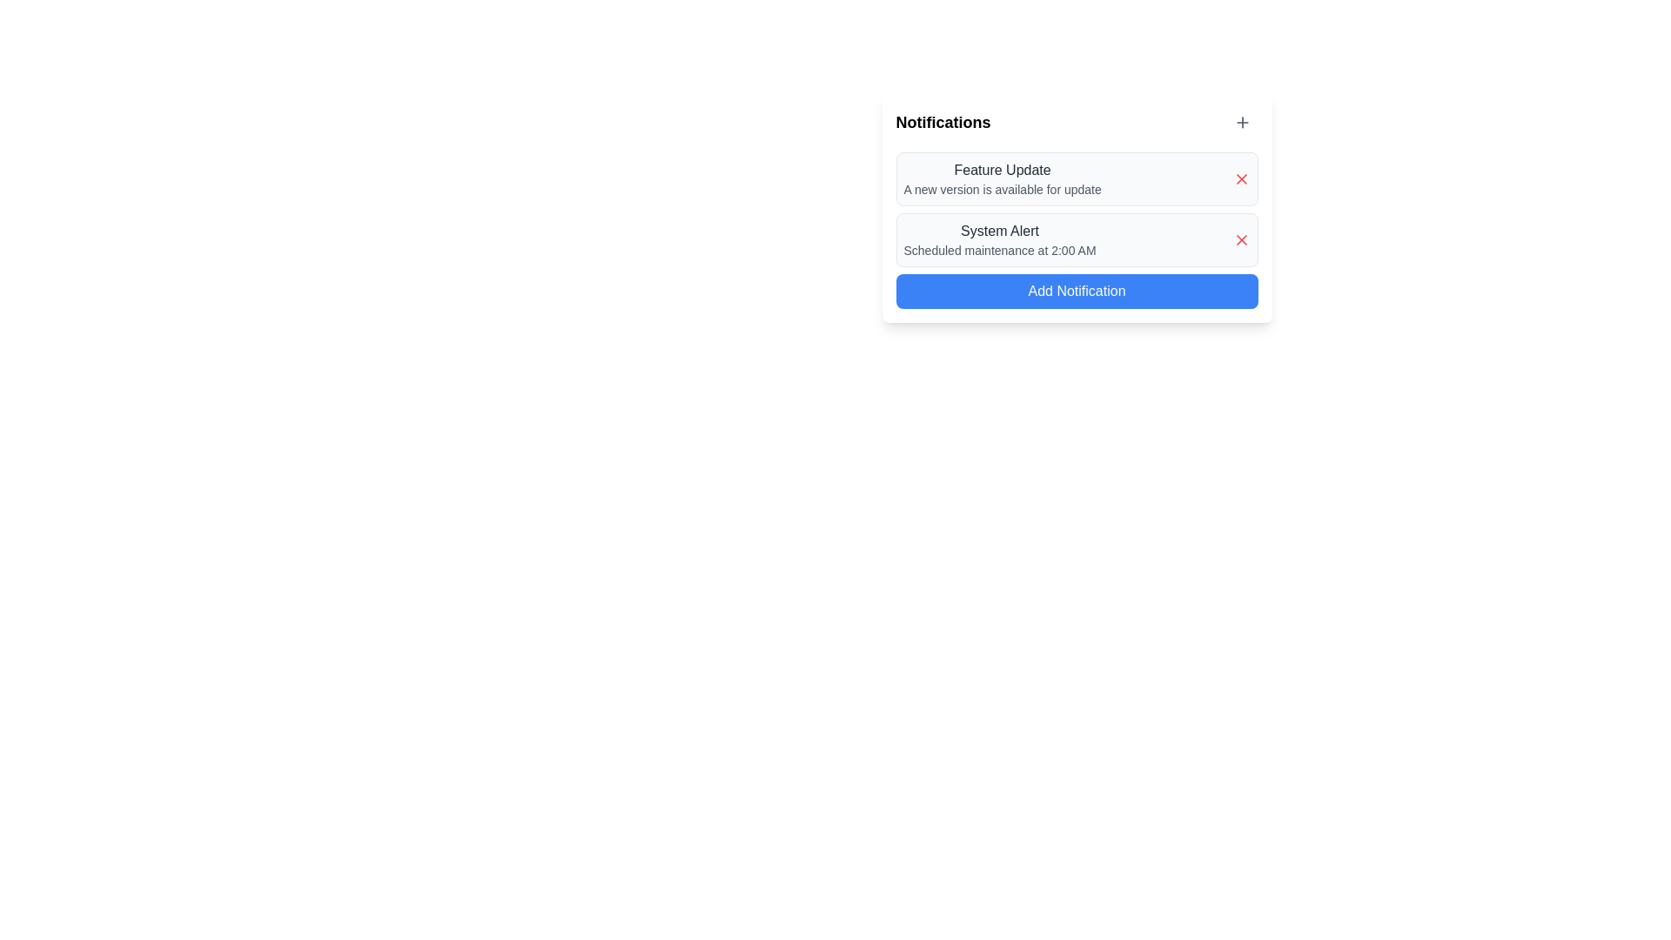 Image resolution: width=1671 pixels, height=940 pixels. I want to click on the 'Add Notification' button located below 'Feature Update' and 'System Alert' in the notification list to observe a color change, so click(1076, 291).